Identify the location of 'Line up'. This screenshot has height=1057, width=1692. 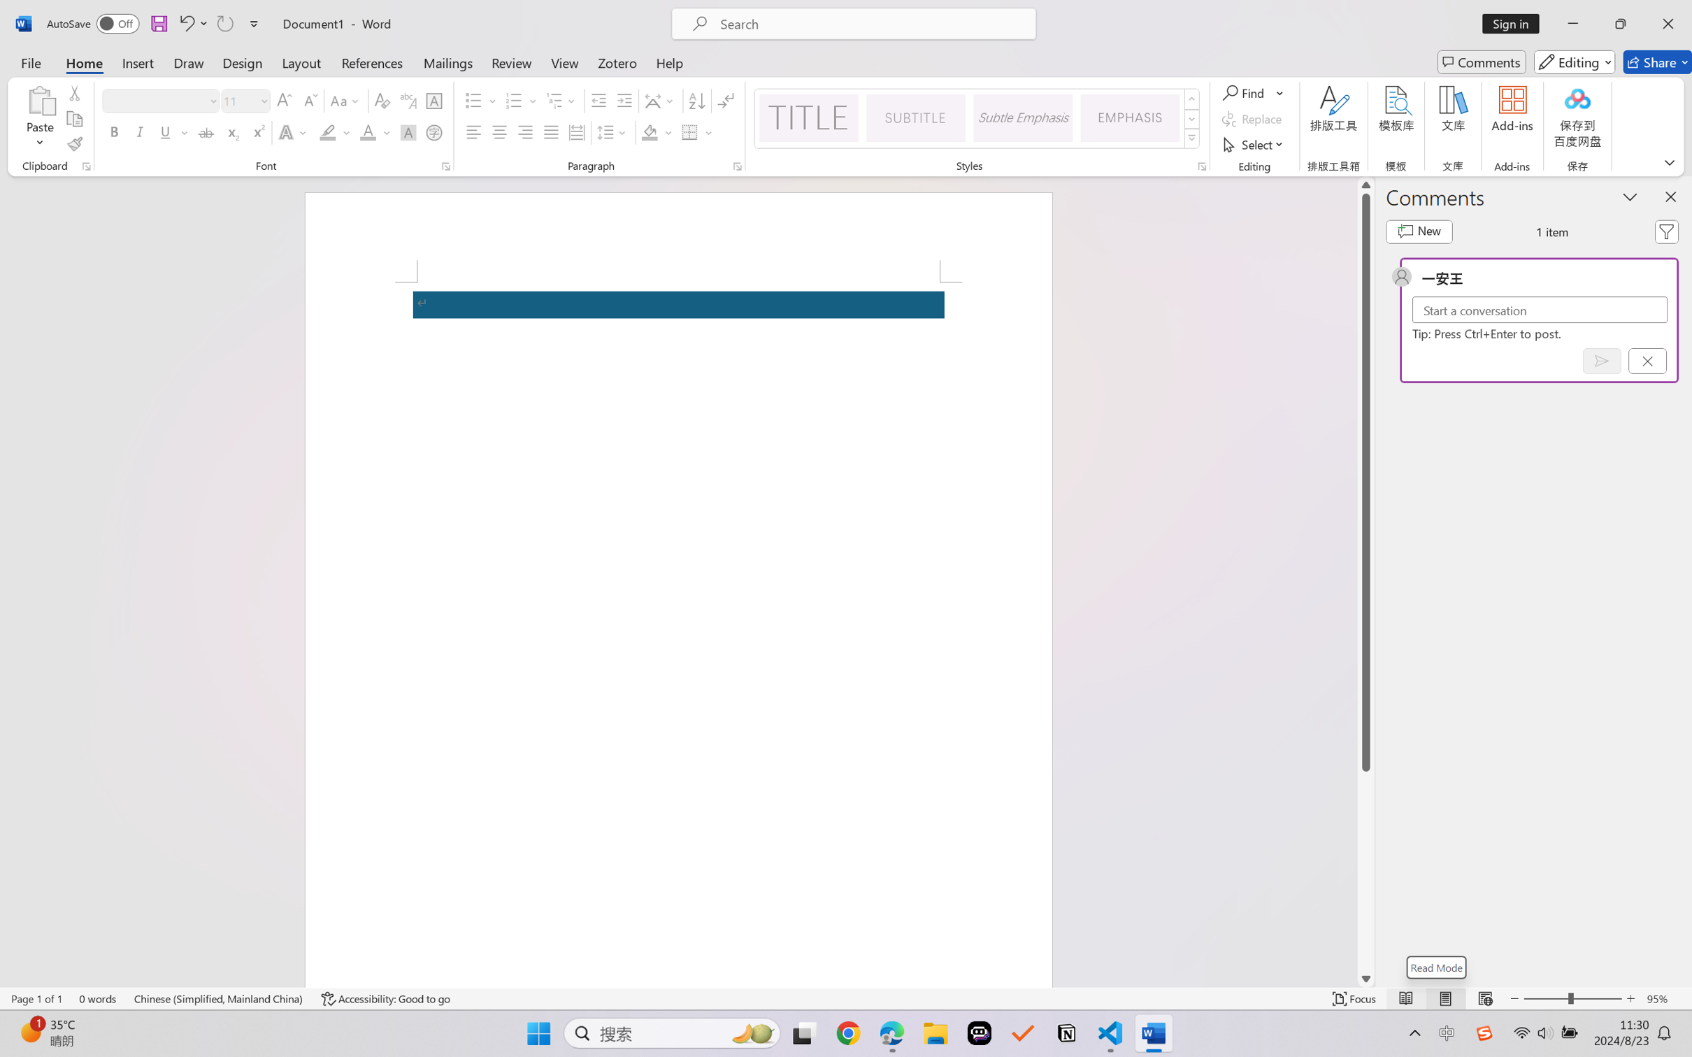
(1365, 185).